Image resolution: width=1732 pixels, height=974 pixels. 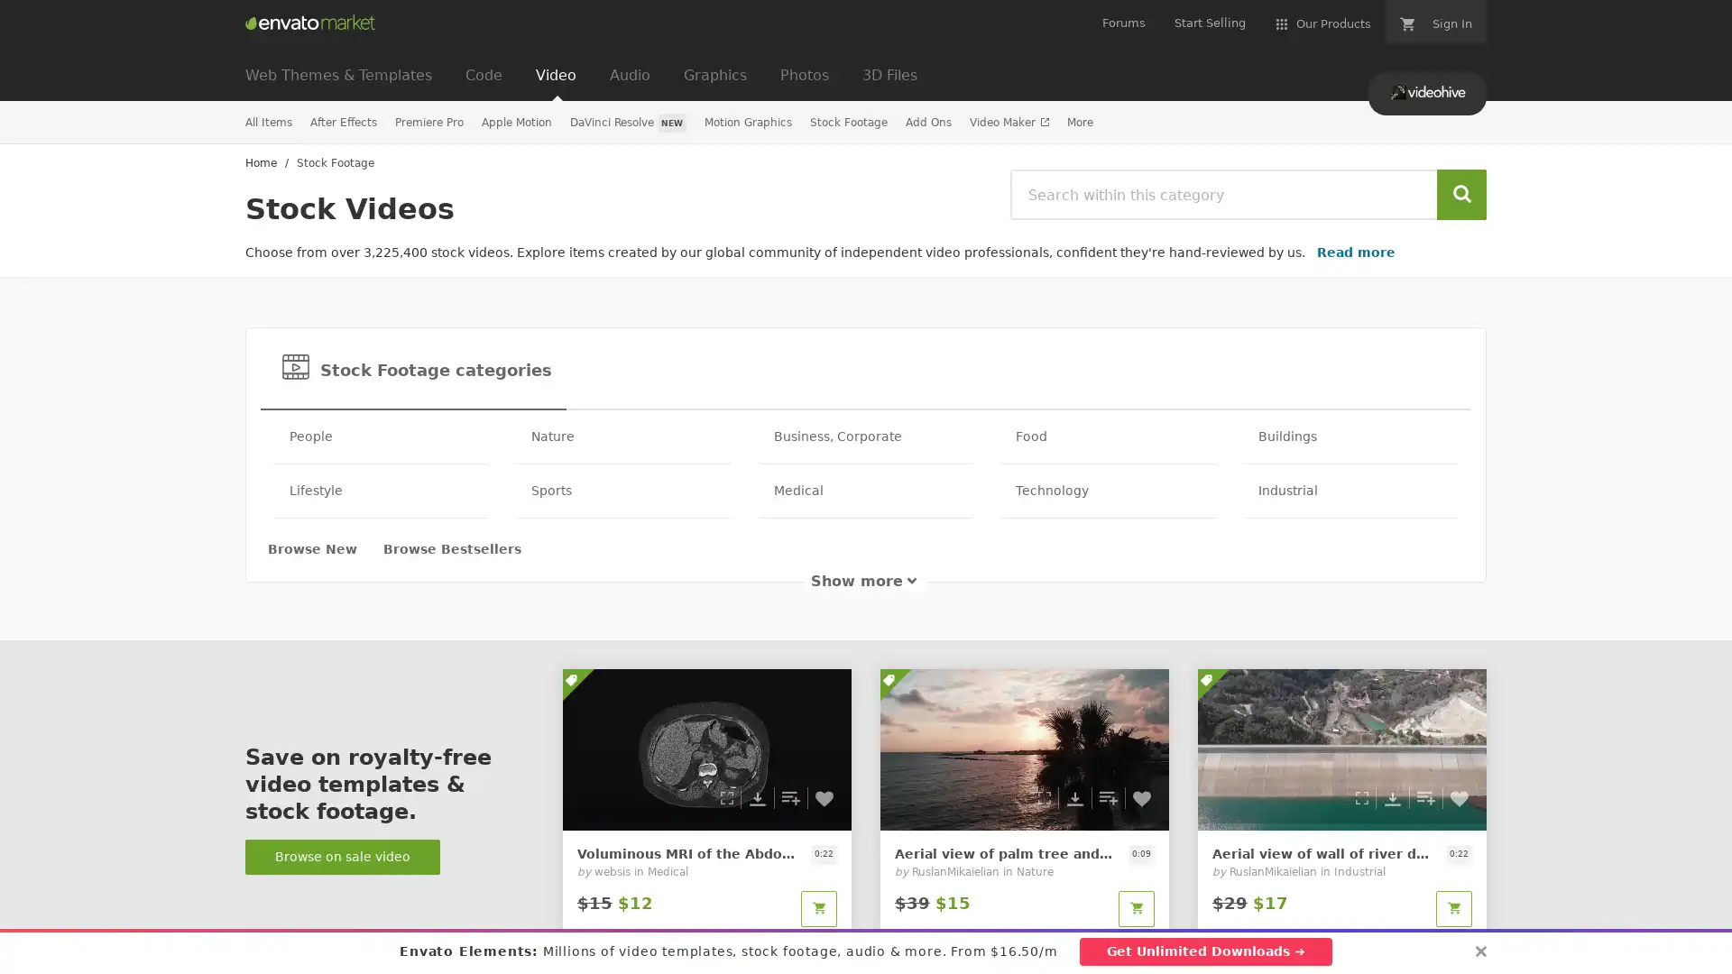 I want to click on Download preview, so click(x=1074, y=796).